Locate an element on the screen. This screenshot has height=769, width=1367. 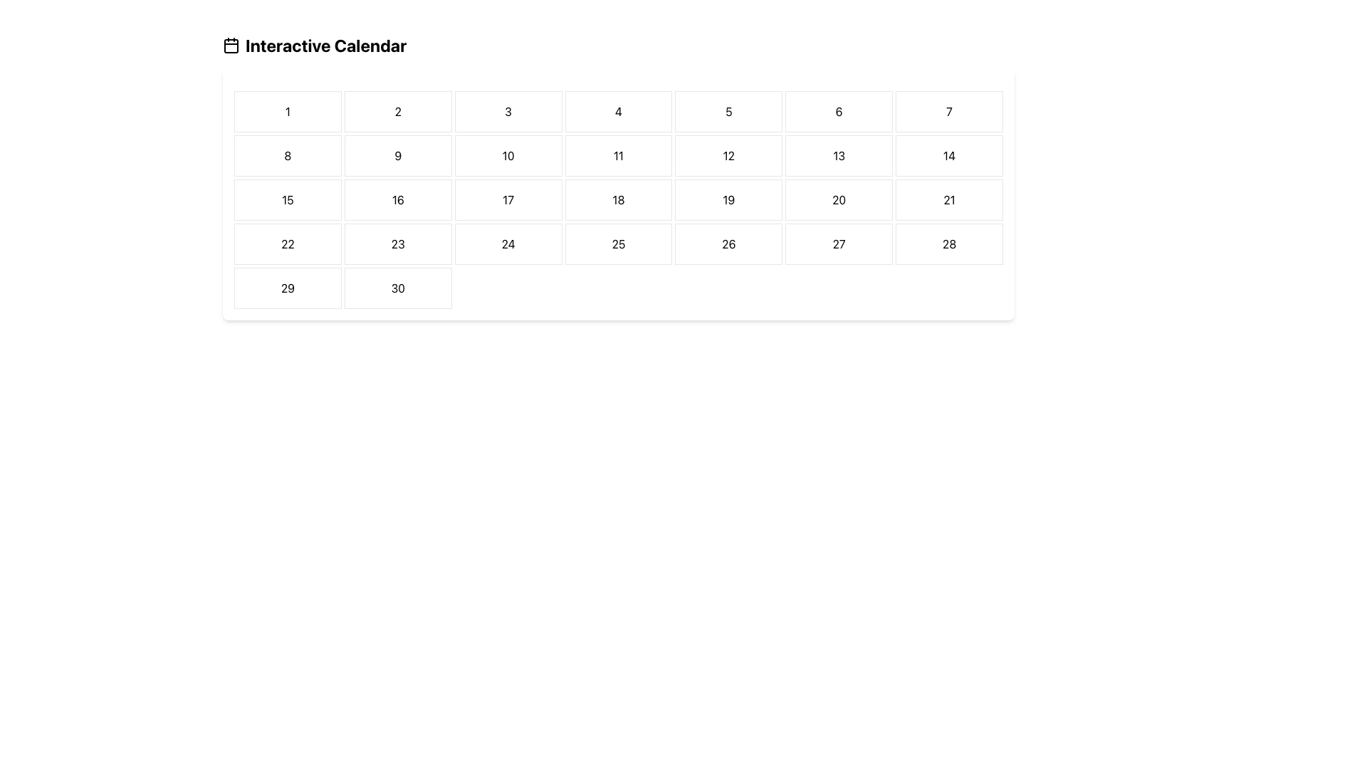
the clickable grid cell representing the number '13' is located at coordinates (839, 156).